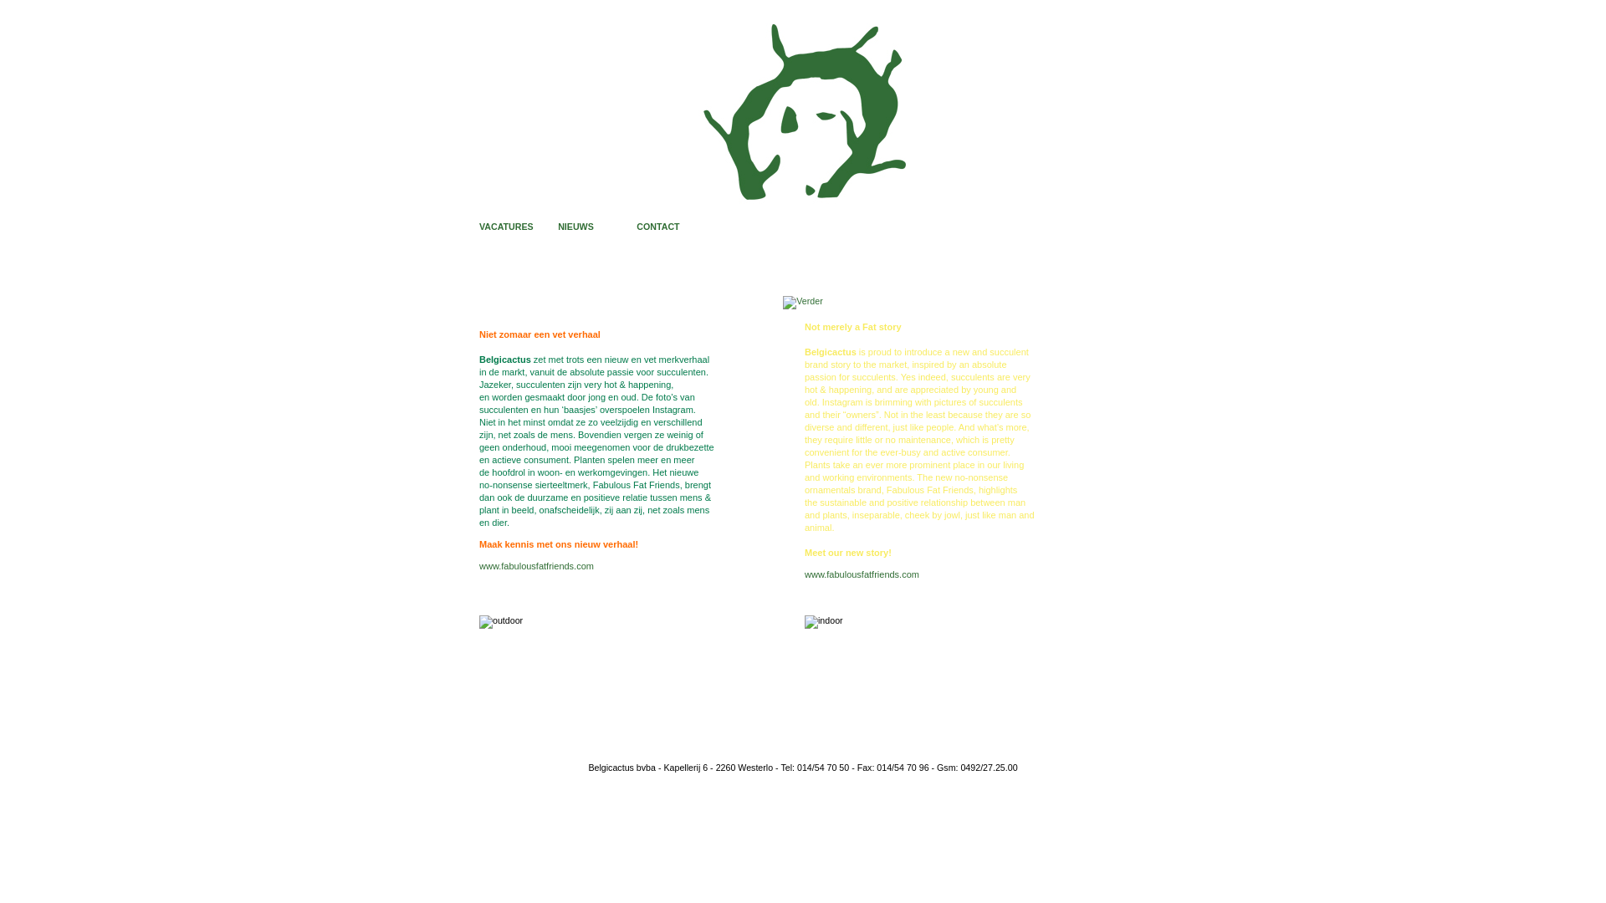  I want to click on 'NIEUWS', so click(575, 226).